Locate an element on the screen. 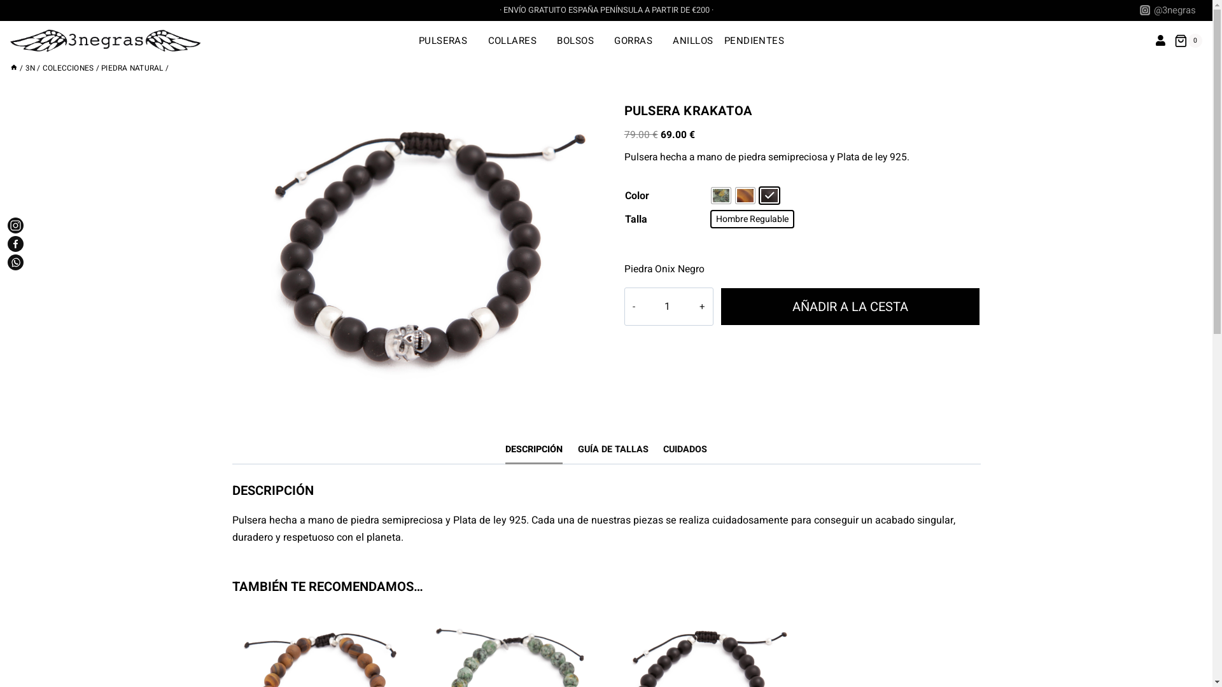 The image size is (1222, 687). 'Piedra Onix negro' is located at coordinates (769, 195).